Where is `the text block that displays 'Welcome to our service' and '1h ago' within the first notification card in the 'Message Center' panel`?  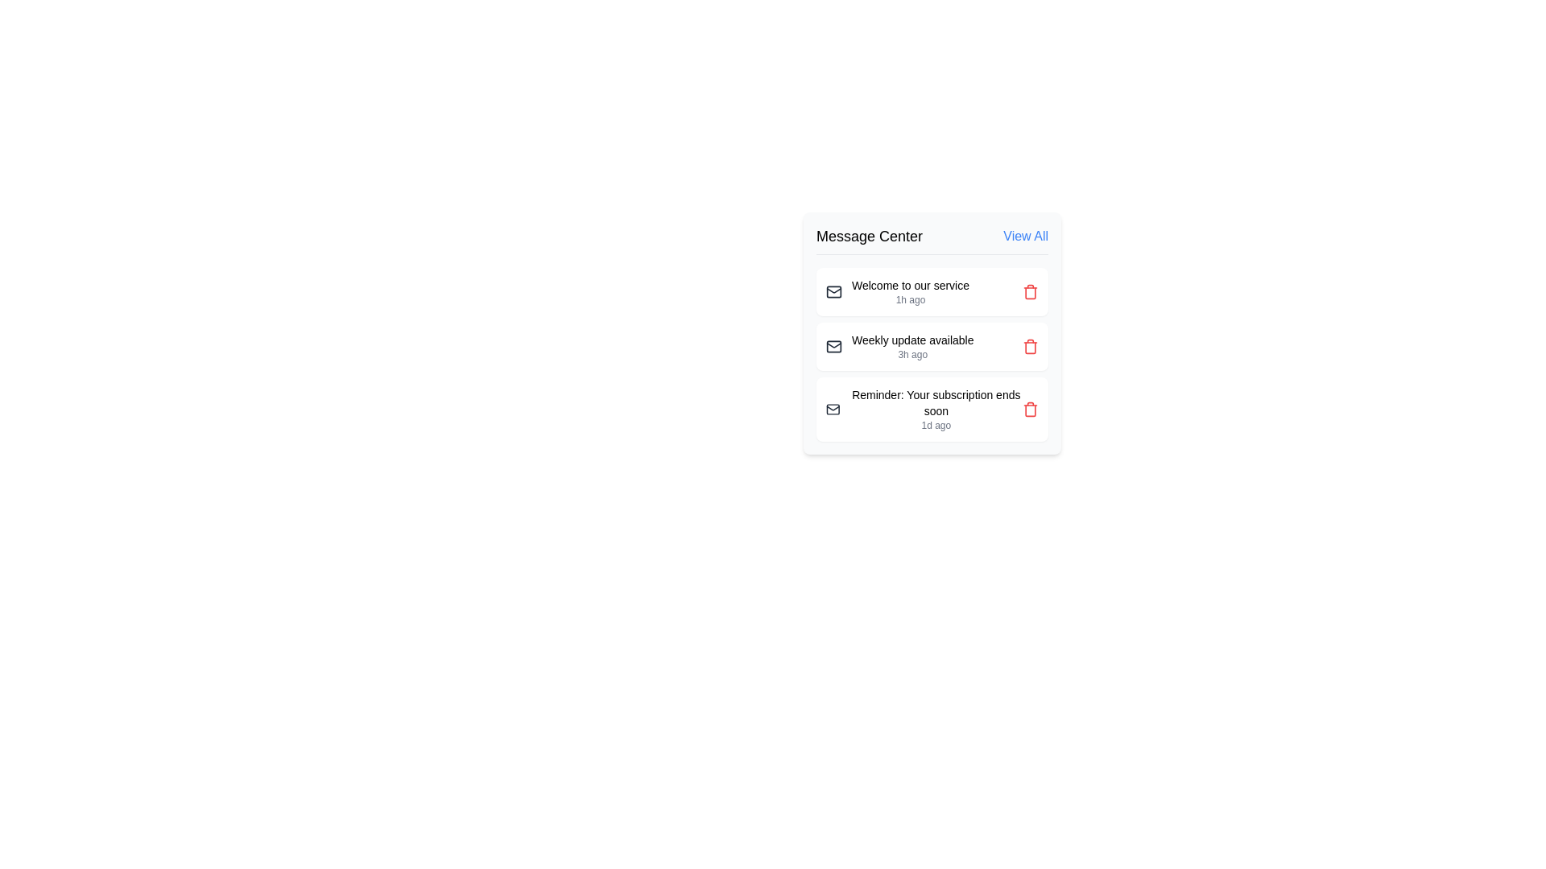 the text block that displays 'Welcome to our service' and '1h ago' within the first notification card in the 'Message Center' panel is located at coordinates (911, 291).